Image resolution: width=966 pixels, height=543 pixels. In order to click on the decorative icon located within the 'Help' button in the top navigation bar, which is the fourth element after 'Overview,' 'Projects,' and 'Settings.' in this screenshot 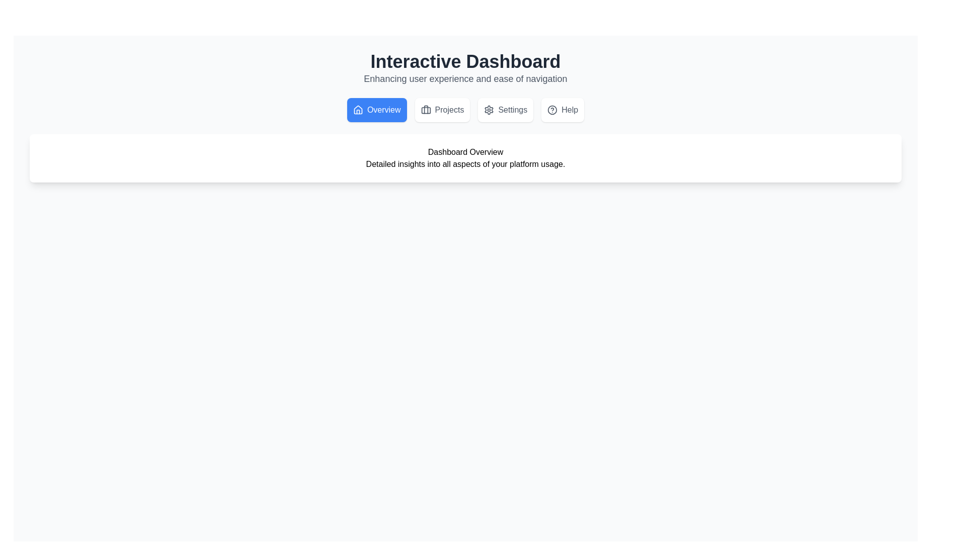, I will do `click(552, 110)`.